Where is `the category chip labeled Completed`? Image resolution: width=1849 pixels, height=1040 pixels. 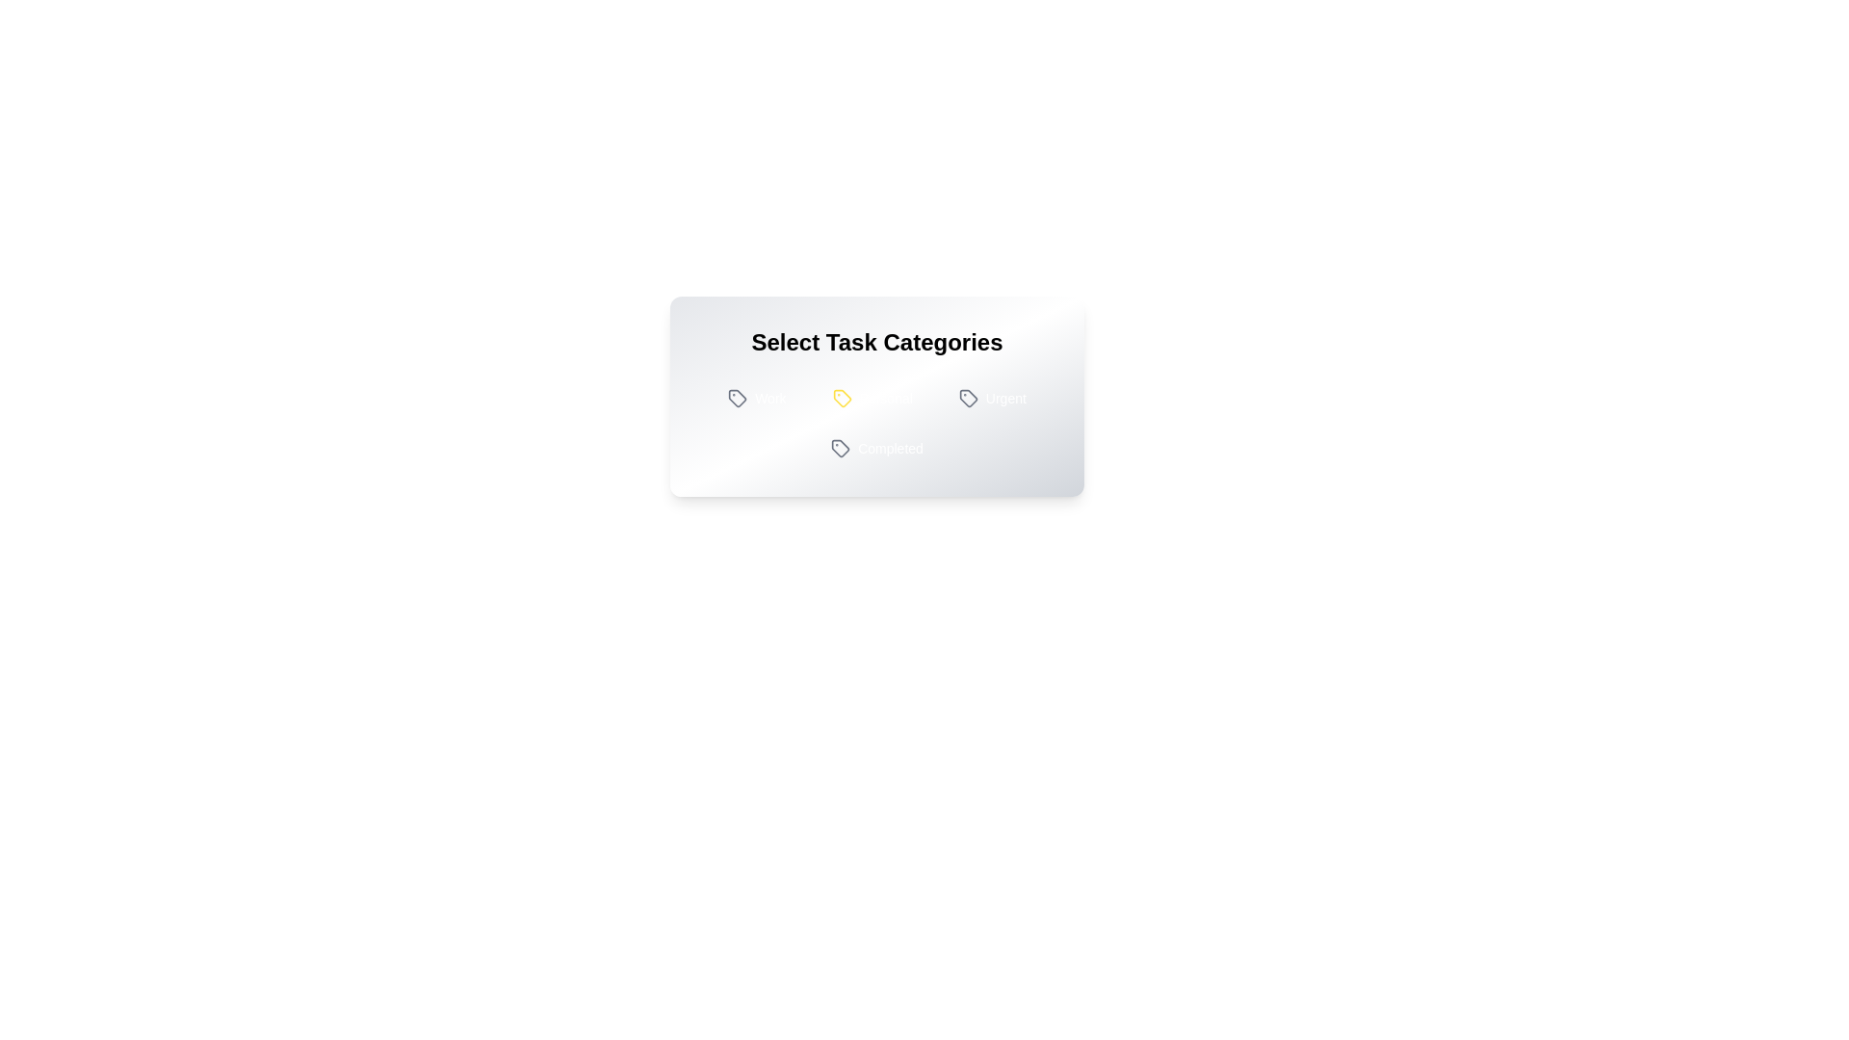 the category chip labeled Completed is located at coordinates (875, 449).